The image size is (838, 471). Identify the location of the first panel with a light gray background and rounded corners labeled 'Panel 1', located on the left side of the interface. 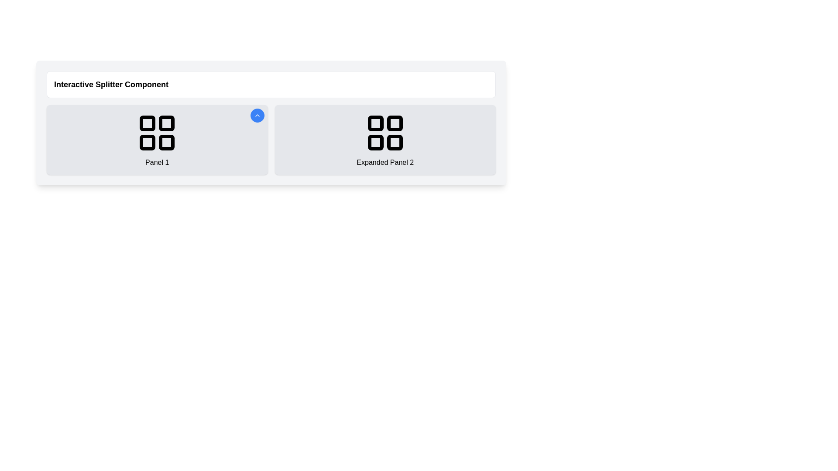
(157, 139).